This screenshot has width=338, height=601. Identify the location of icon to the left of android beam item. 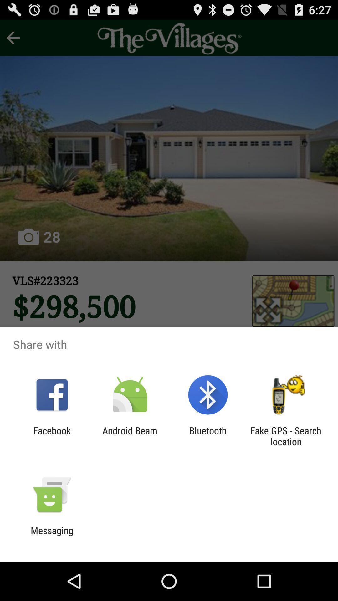
(52, 436).